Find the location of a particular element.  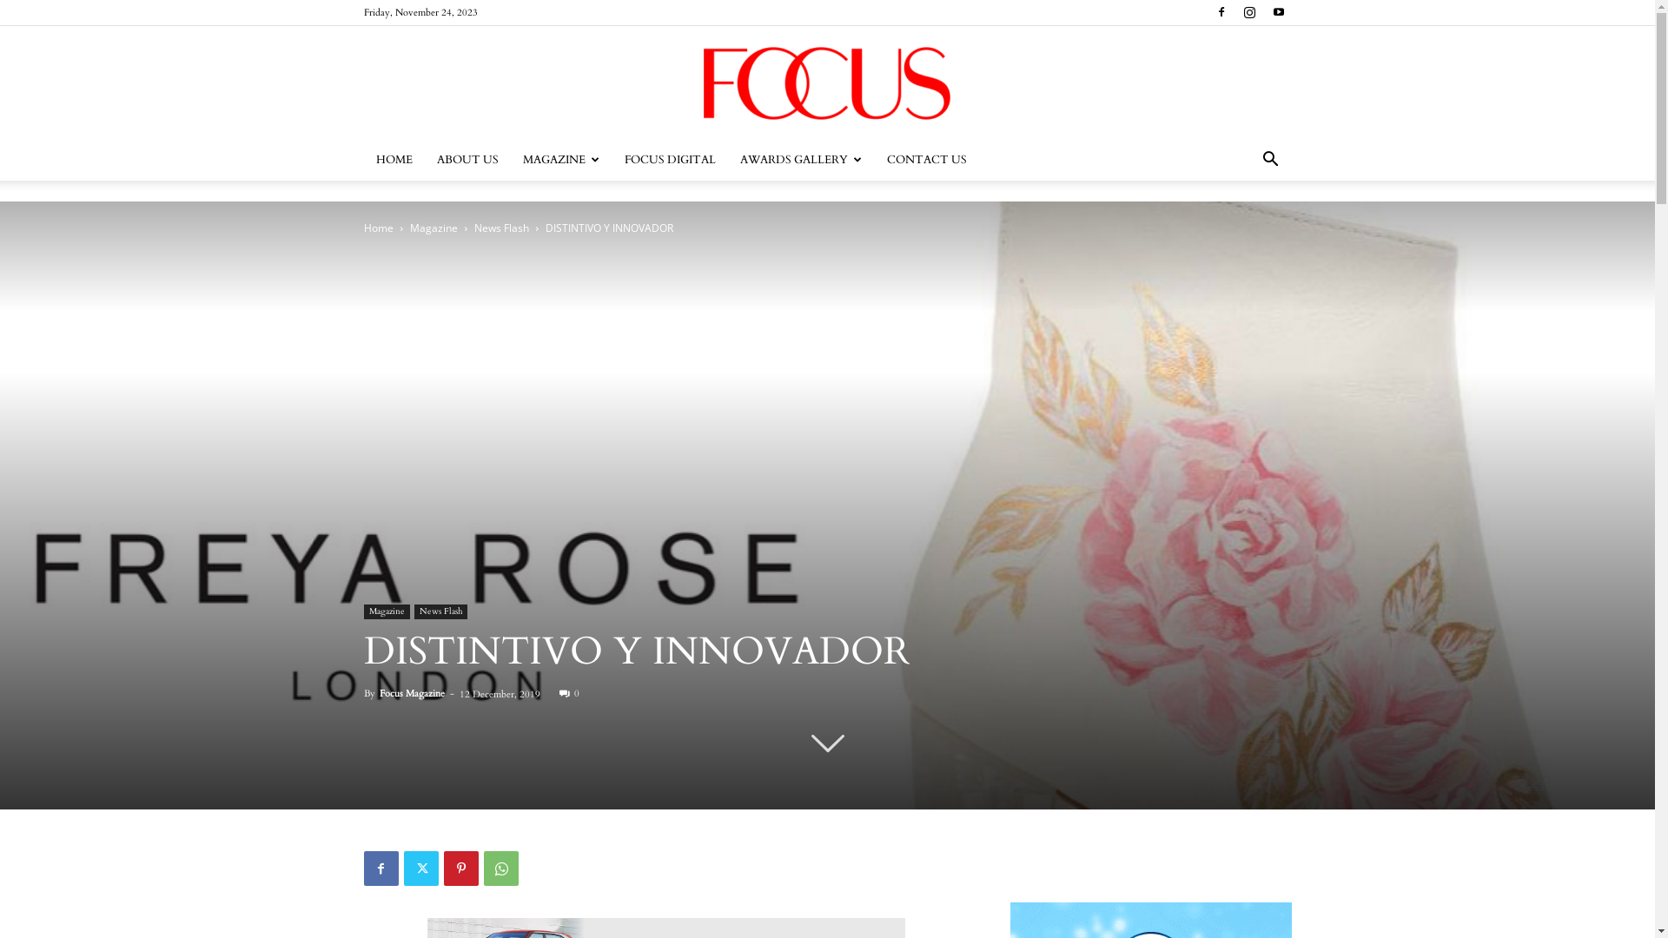

'Youtube' is located at coordinates (1277, 12).